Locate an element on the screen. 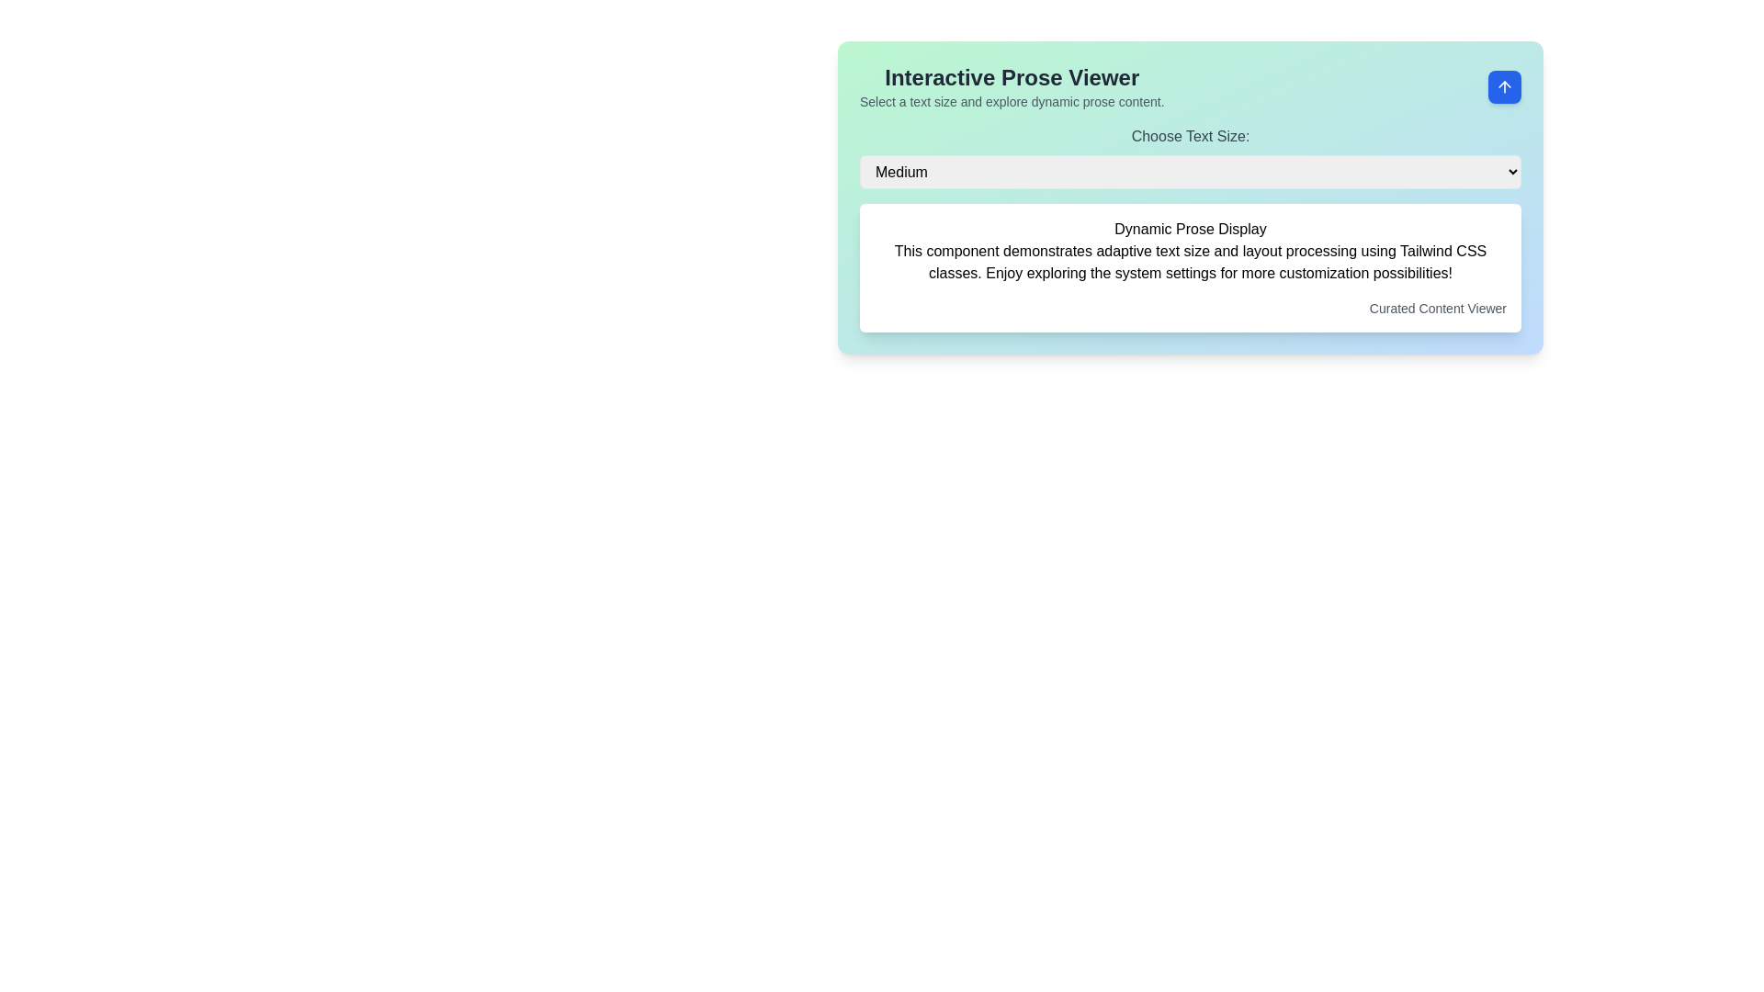 This screenshot has height=992, width=1764. the upward-pointing arrow icon with a blue background located at the top-right corner of the 'Interactive Prose Viewer' card is located at coordinates (1504, 87).